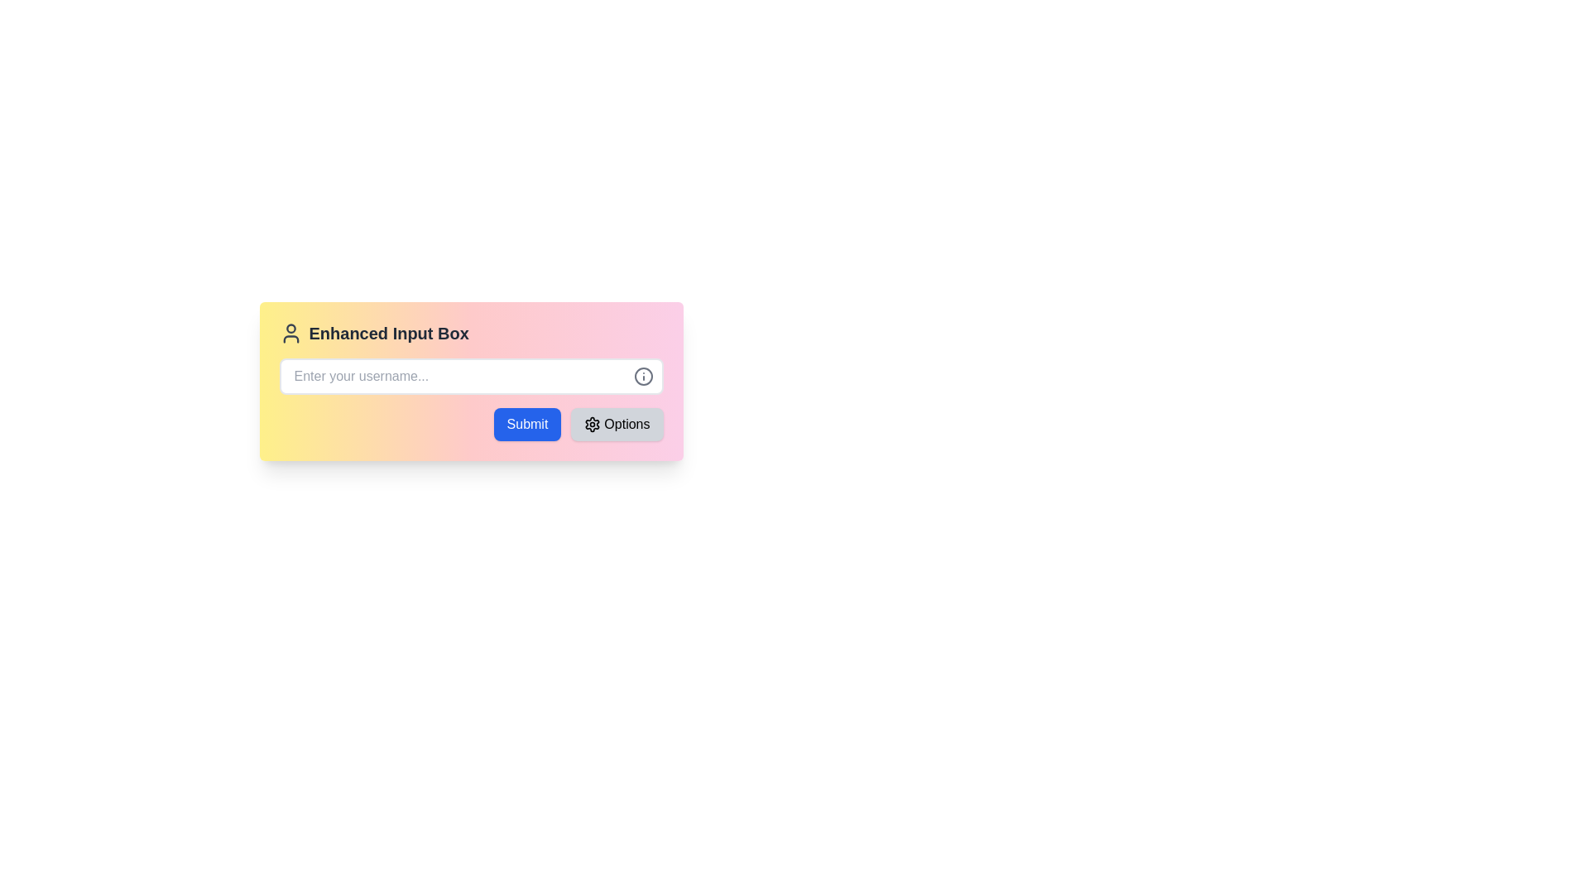 This screenshot has width=1589, height=894. I want to click on the human figure icon located at the leftmost end of the 'Enhanced Input Box' header, which has a smooth design with dark gray lines on a light yellow background, so click(290, 333).